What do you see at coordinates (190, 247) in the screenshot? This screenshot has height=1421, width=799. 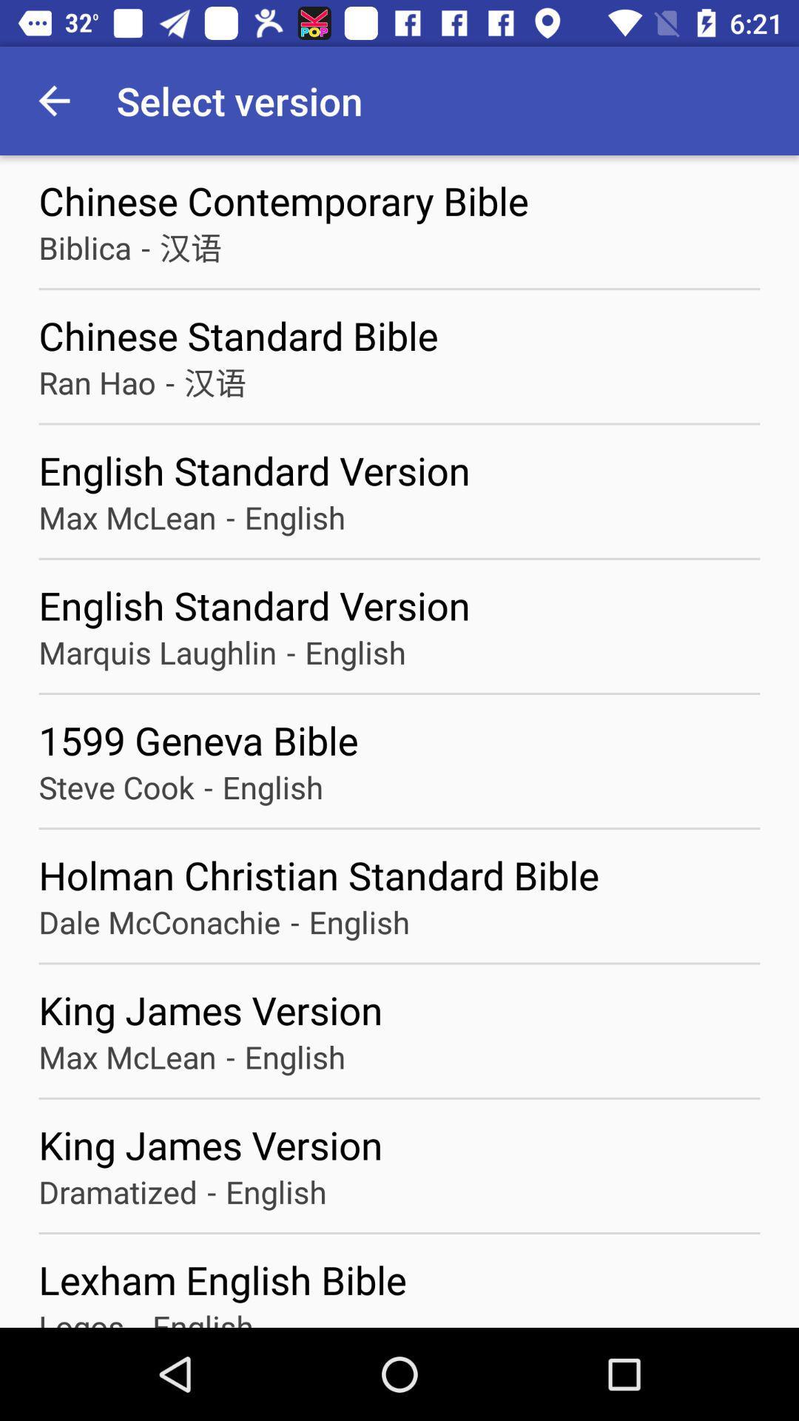 I see `the item below the chinese contemporary bible icon` at bounding box center [190, 247].